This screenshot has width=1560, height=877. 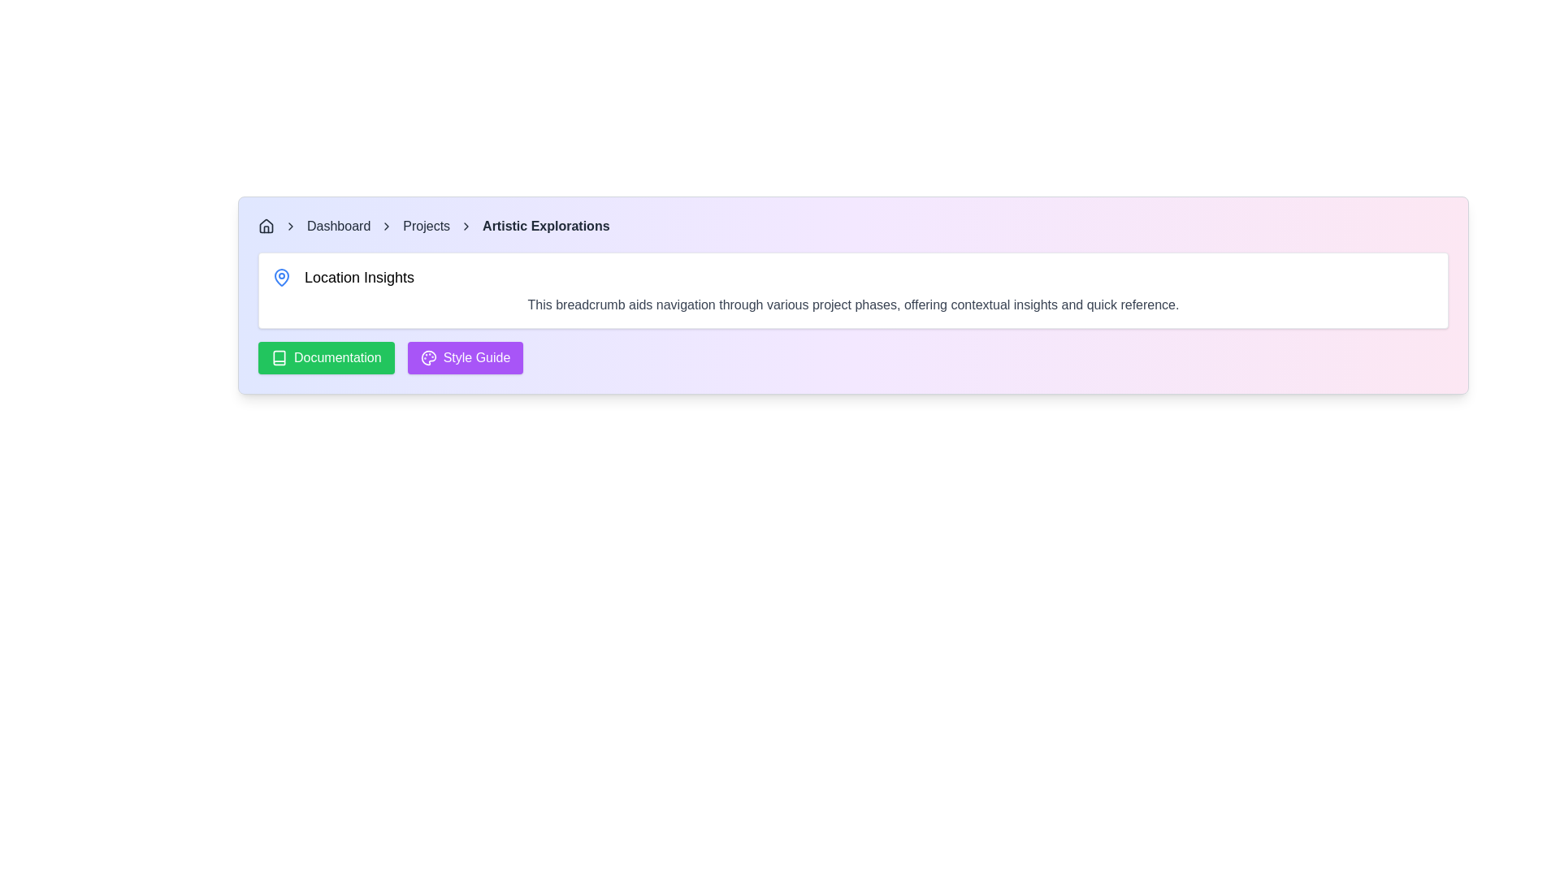 I want to click on the chevron icon in the breadcrumb navigation bar, which visually separates the 'Dashboard' and 'Projects' links, so click(x=386, y=226).